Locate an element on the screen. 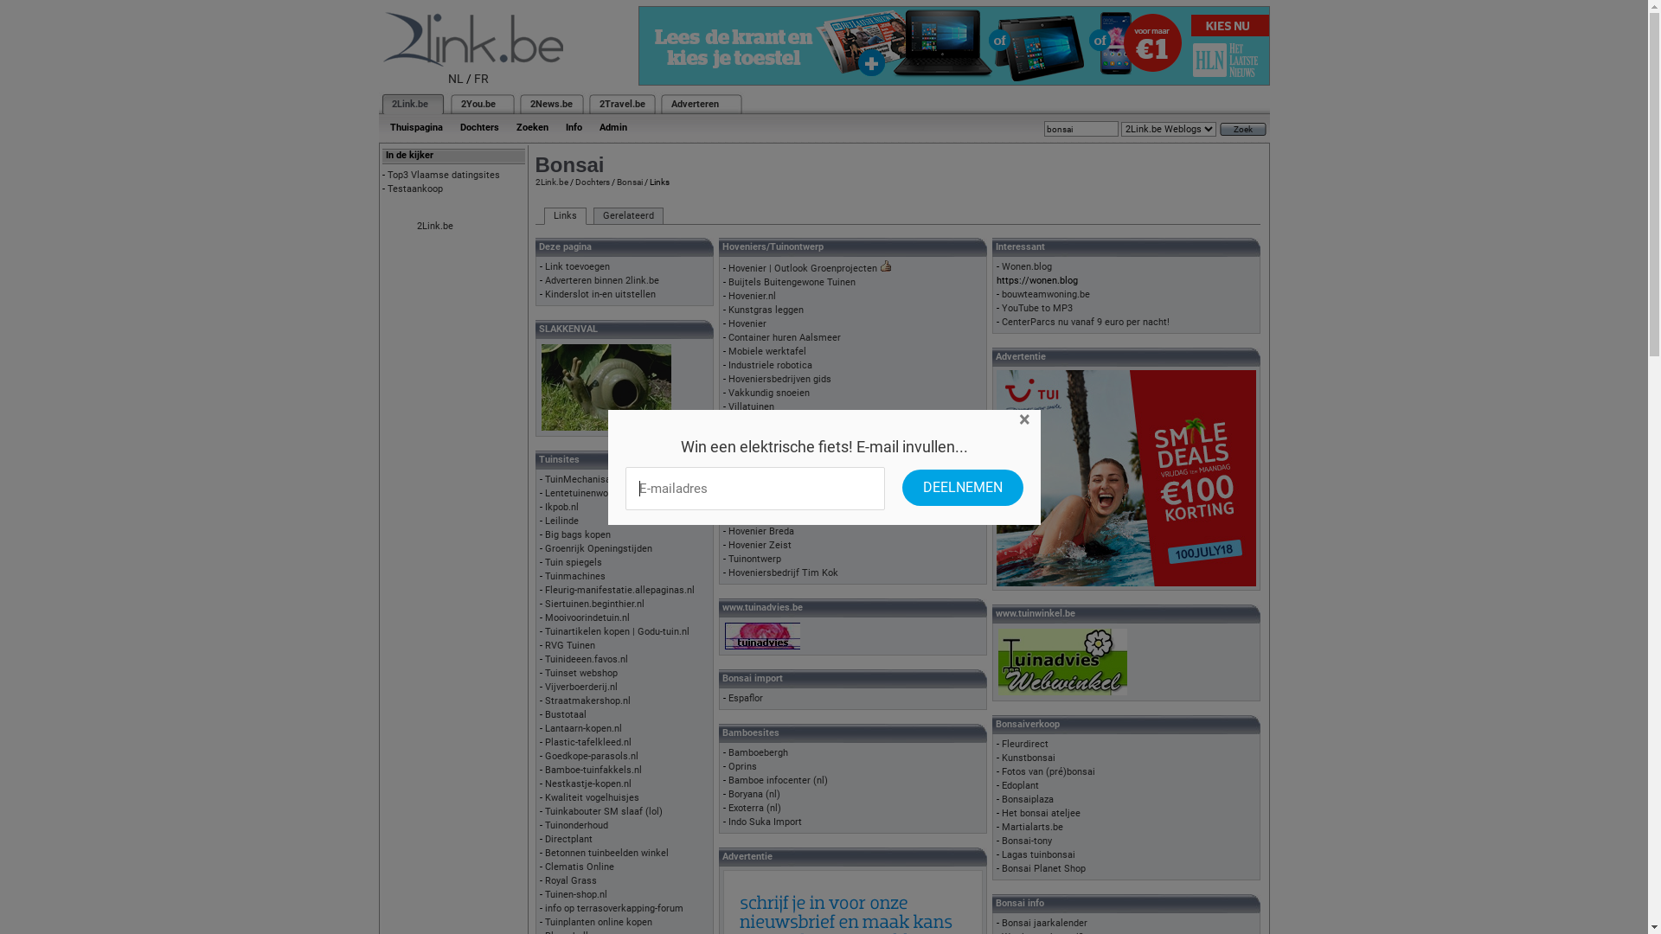  'Directplant' is located at coordinates (568, 838).